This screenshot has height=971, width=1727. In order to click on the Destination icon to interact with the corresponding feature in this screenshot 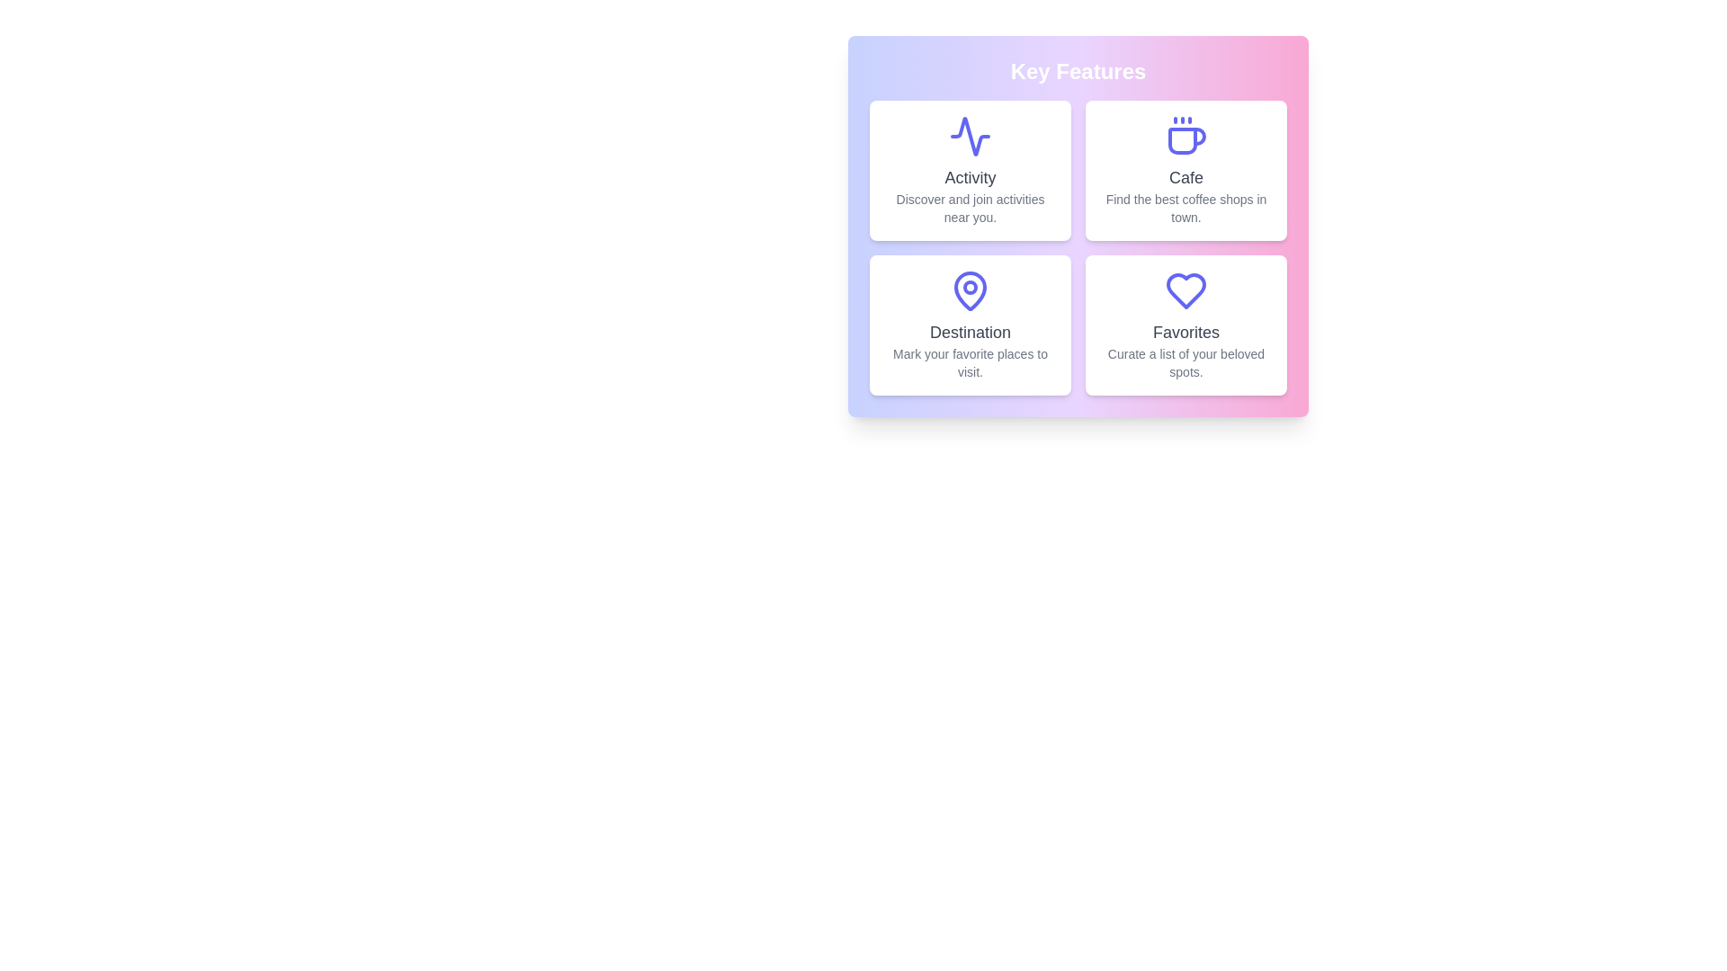, I will do `click(970, 290)`.